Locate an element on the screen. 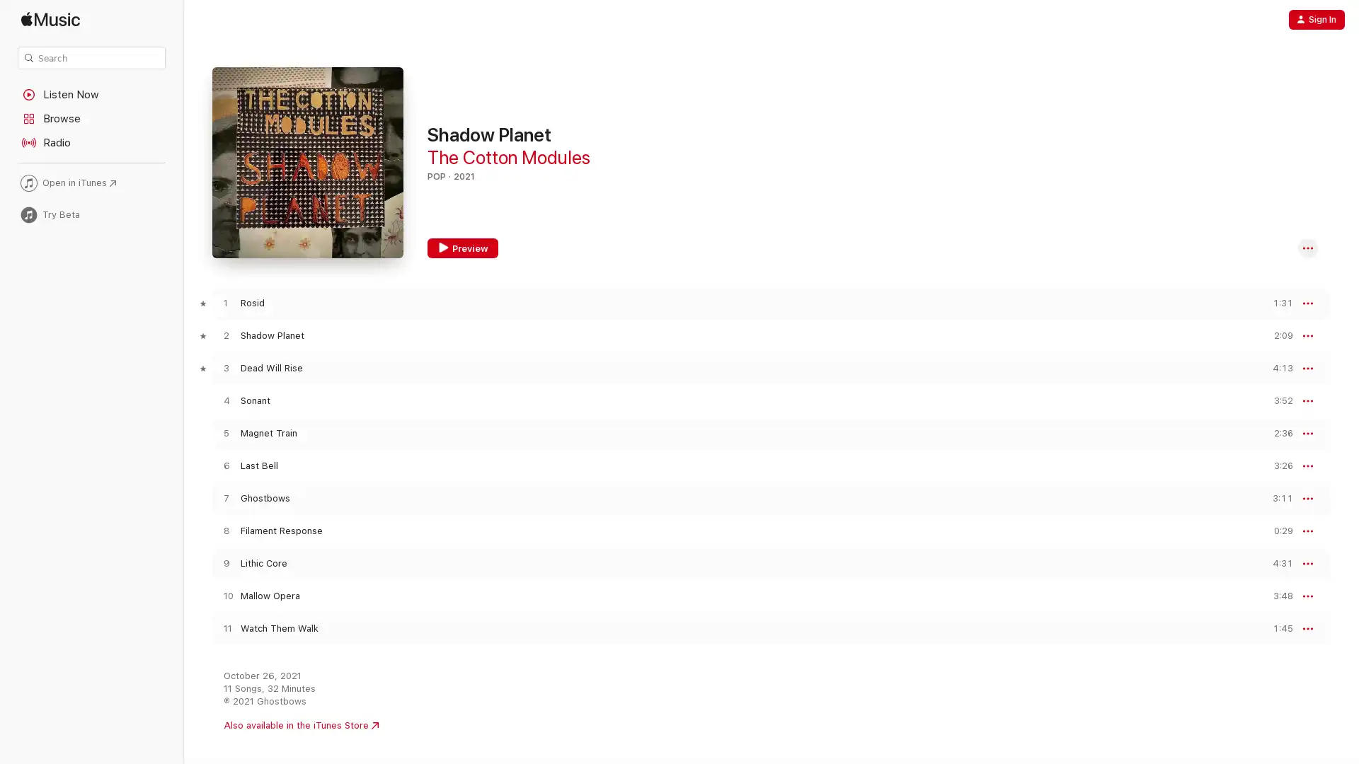 The width and height of the screenshot is (1359, 764). Play is located at coordinates (225, 497).